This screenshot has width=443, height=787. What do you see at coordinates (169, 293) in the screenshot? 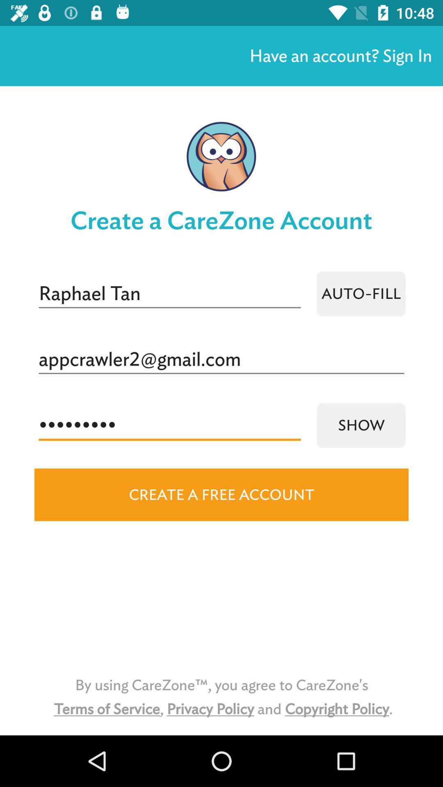
I see `the icon above the appcrawler2@gmail.com item` at bounding box center [169, 293].